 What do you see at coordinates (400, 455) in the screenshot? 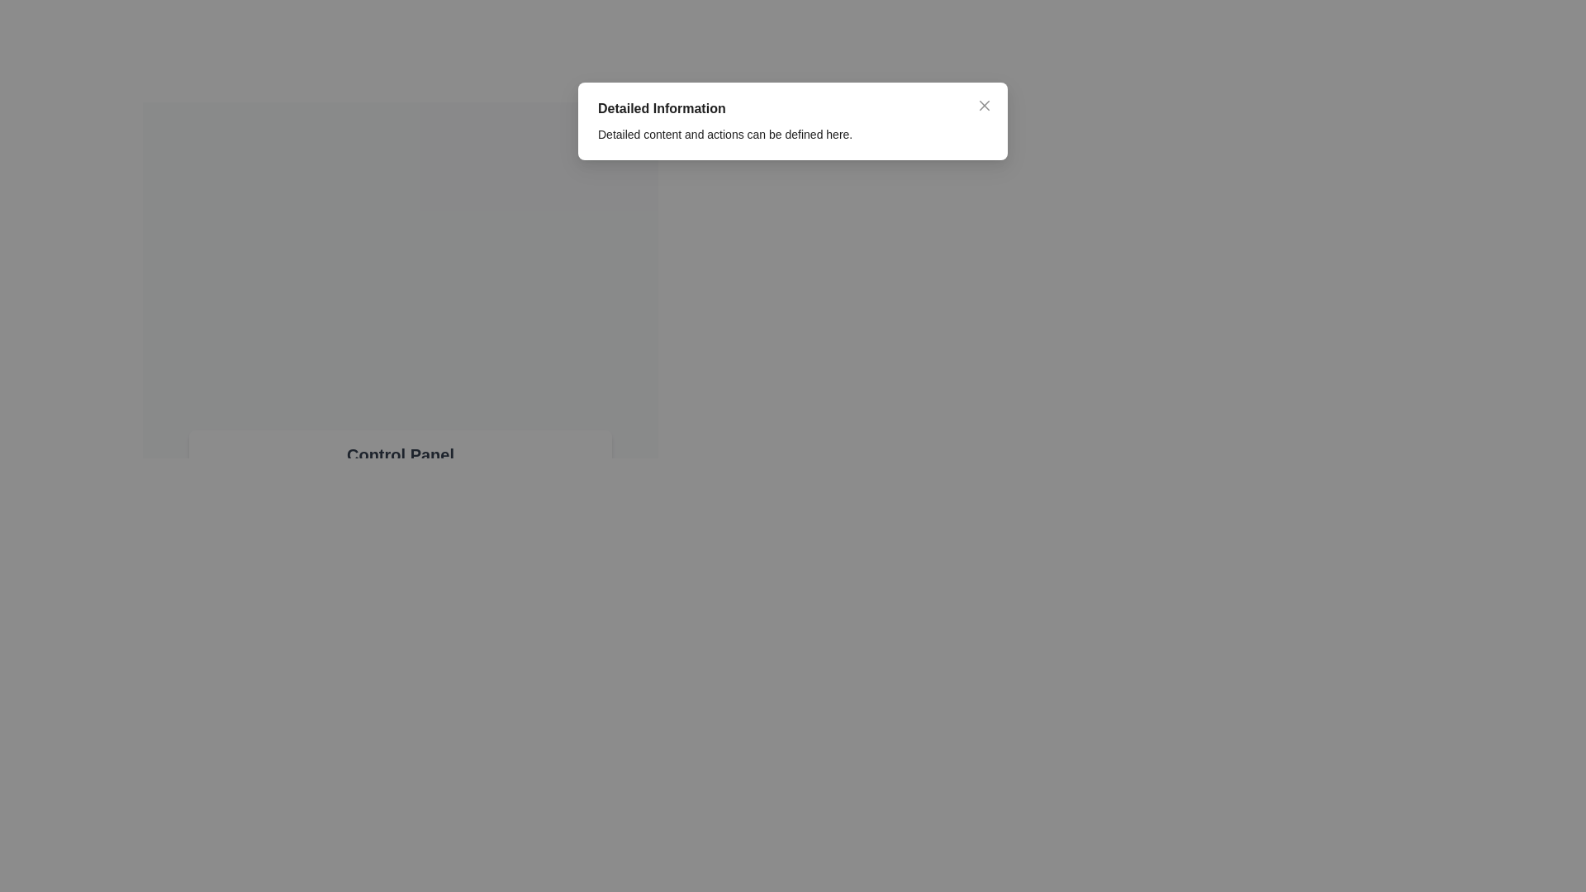
I see `text from the label that serves as the title for the 'Control Panel' section, located at the top of the rectangular card with rounded corners` at bounding box center [400, 455].